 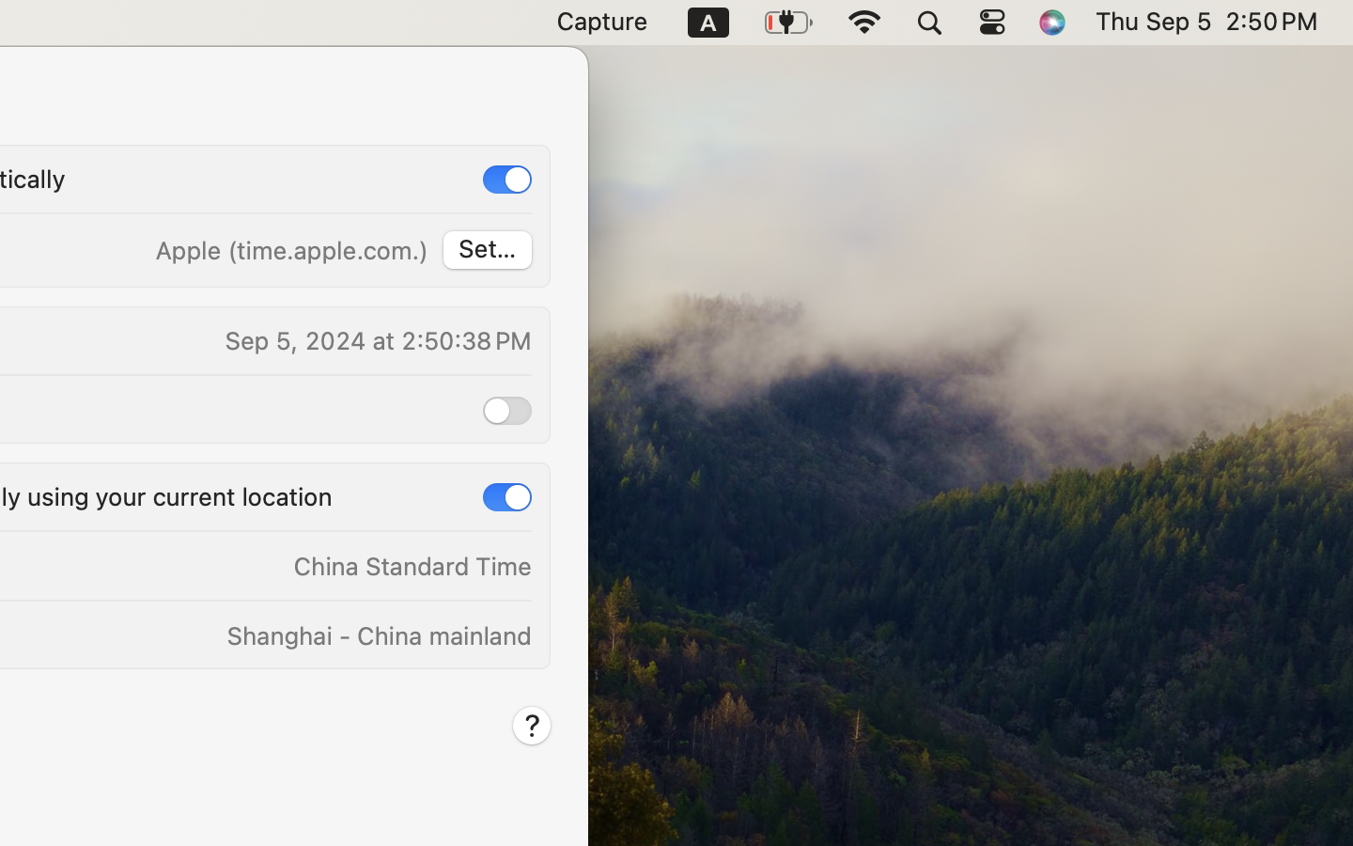 What do you see at coordinates (290, 249) in the screenshot?
I see `'Apple (time.apple.com.)'` at bounding box center [290, 249].